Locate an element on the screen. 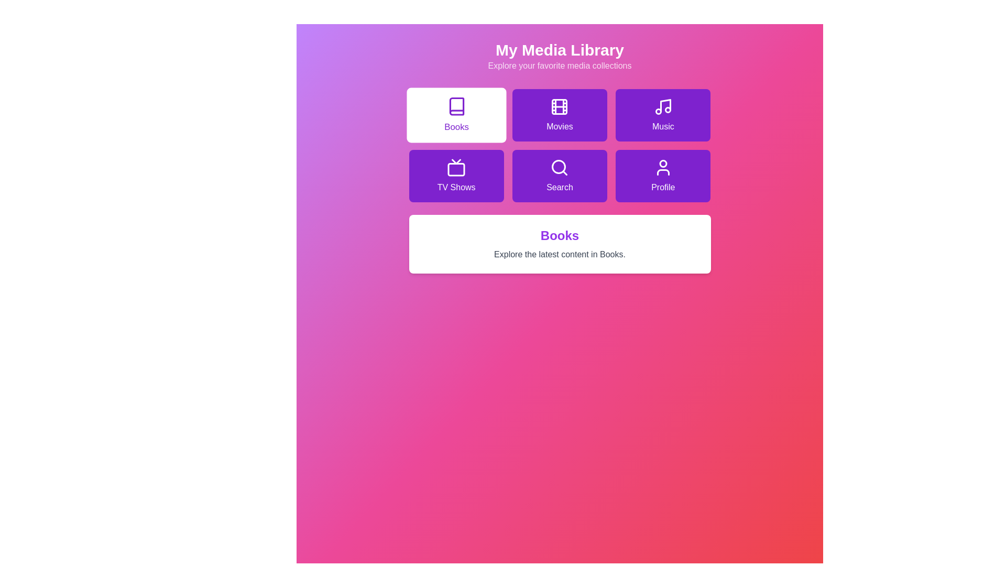  the user icon SVG located in the Profile button at the bottom-right of the grid of selectable options is located at coordinates (662, 167).